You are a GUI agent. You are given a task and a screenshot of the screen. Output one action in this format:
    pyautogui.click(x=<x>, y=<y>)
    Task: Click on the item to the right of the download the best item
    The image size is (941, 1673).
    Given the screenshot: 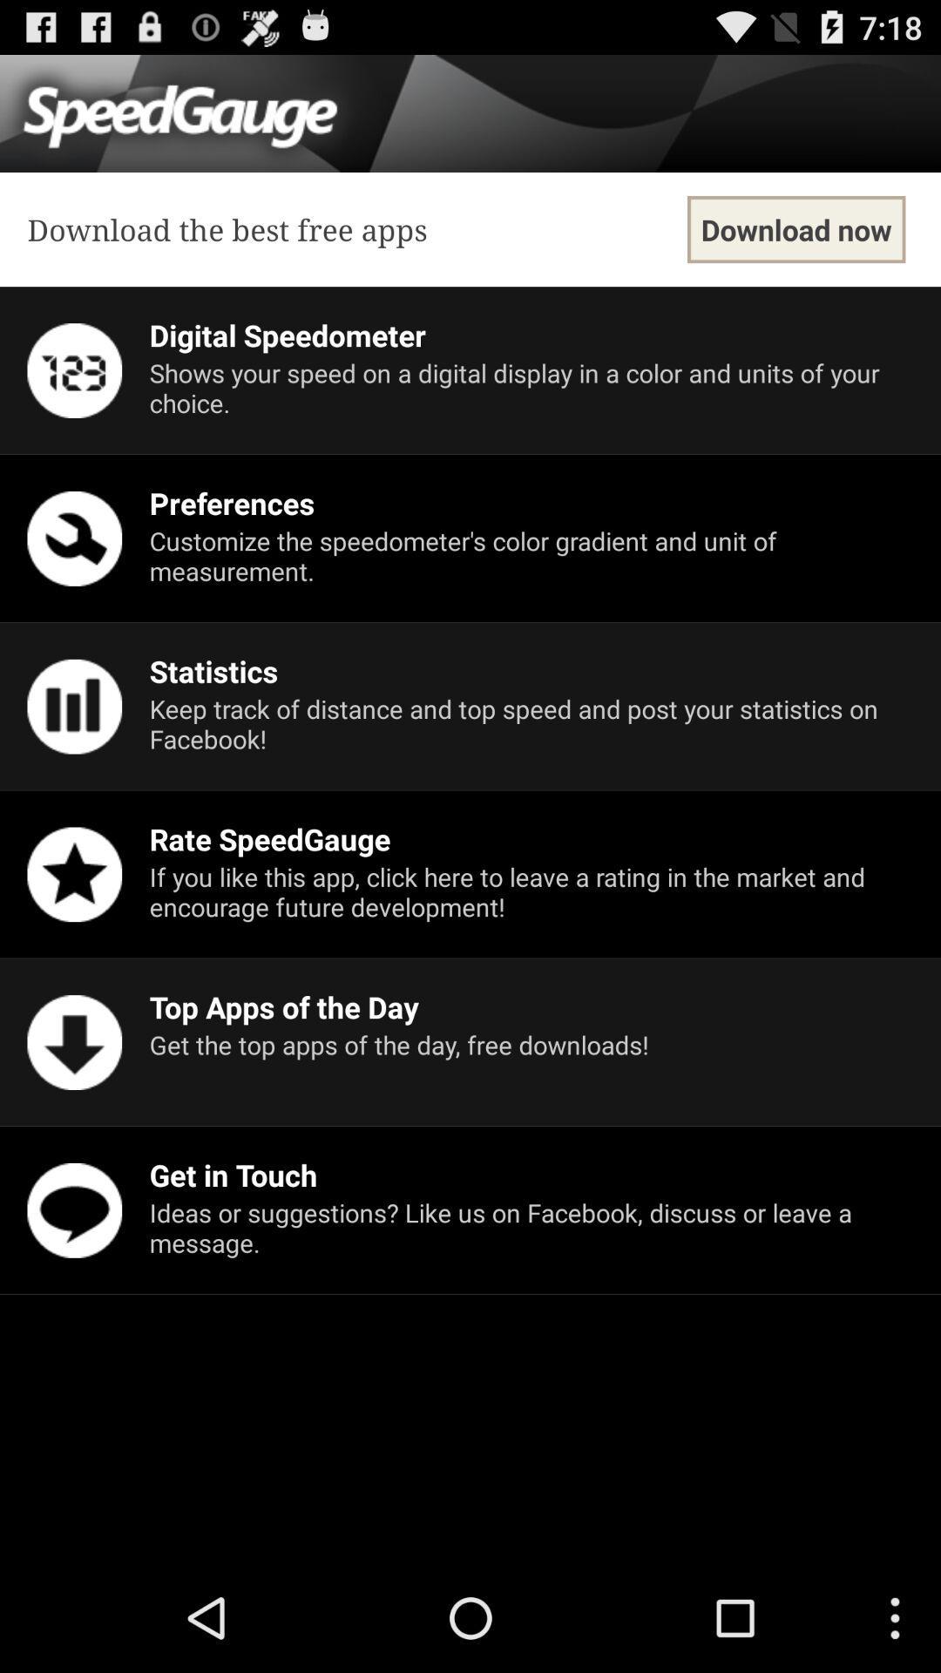 What is the action you would take?
    pyautogui.click(x=796, y=228)
    